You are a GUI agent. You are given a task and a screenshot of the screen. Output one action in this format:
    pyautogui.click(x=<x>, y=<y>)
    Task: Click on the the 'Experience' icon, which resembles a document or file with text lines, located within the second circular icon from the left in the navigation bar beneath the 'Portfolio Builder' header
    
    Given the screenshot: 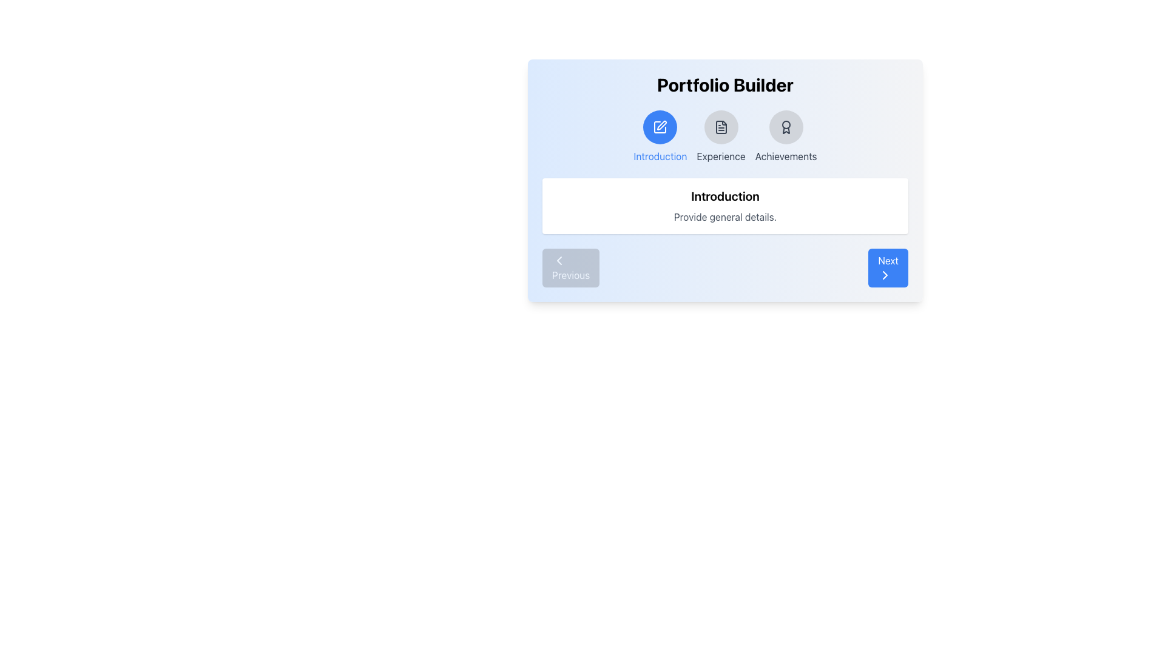 What is the action you would take?
    pyautogui.click(x=721, y=127)
    